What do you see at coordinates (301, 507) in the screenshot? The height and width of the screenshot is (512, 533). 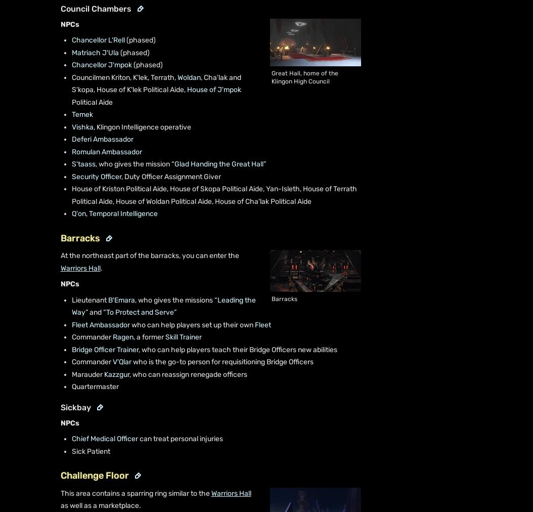 I see `'Global Sitemap'` at bounding box center [301, 507].